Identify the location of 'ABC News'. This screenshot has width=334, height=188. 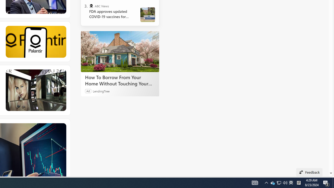
(91, 6).